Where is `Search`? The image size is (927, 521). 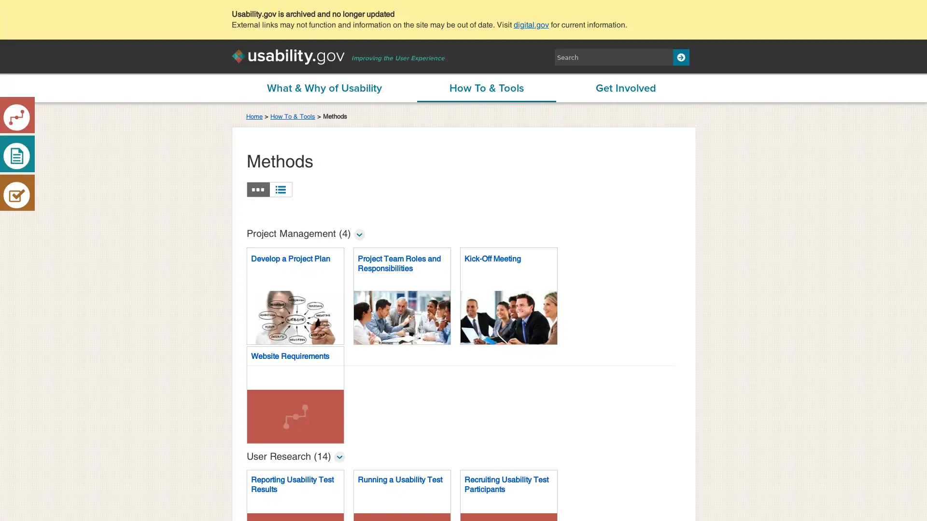
Search is located at coordinates (681, 57).